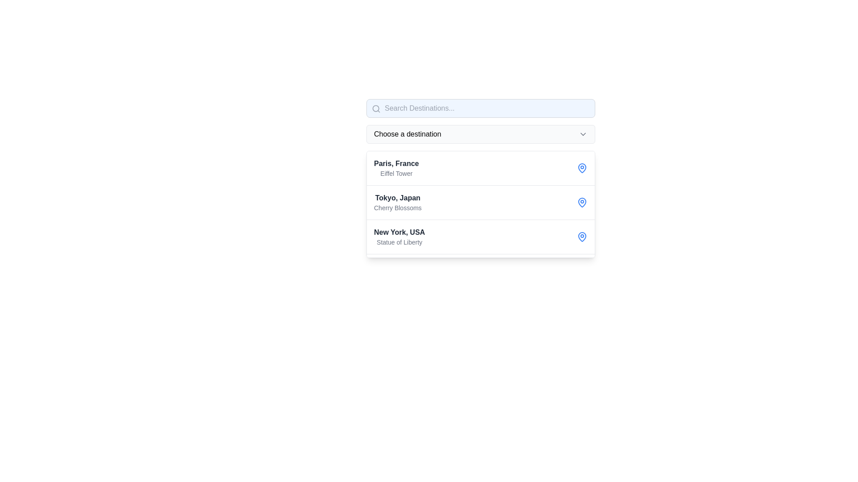  What do you see at coordinates (397, 208) in the screenshot?
I see `the text label displaying 'Cherry Blossoms' that is styled in a smaller, light gray font, located below 'Tokyo, Japan.'` at bounding box center [397, 208].